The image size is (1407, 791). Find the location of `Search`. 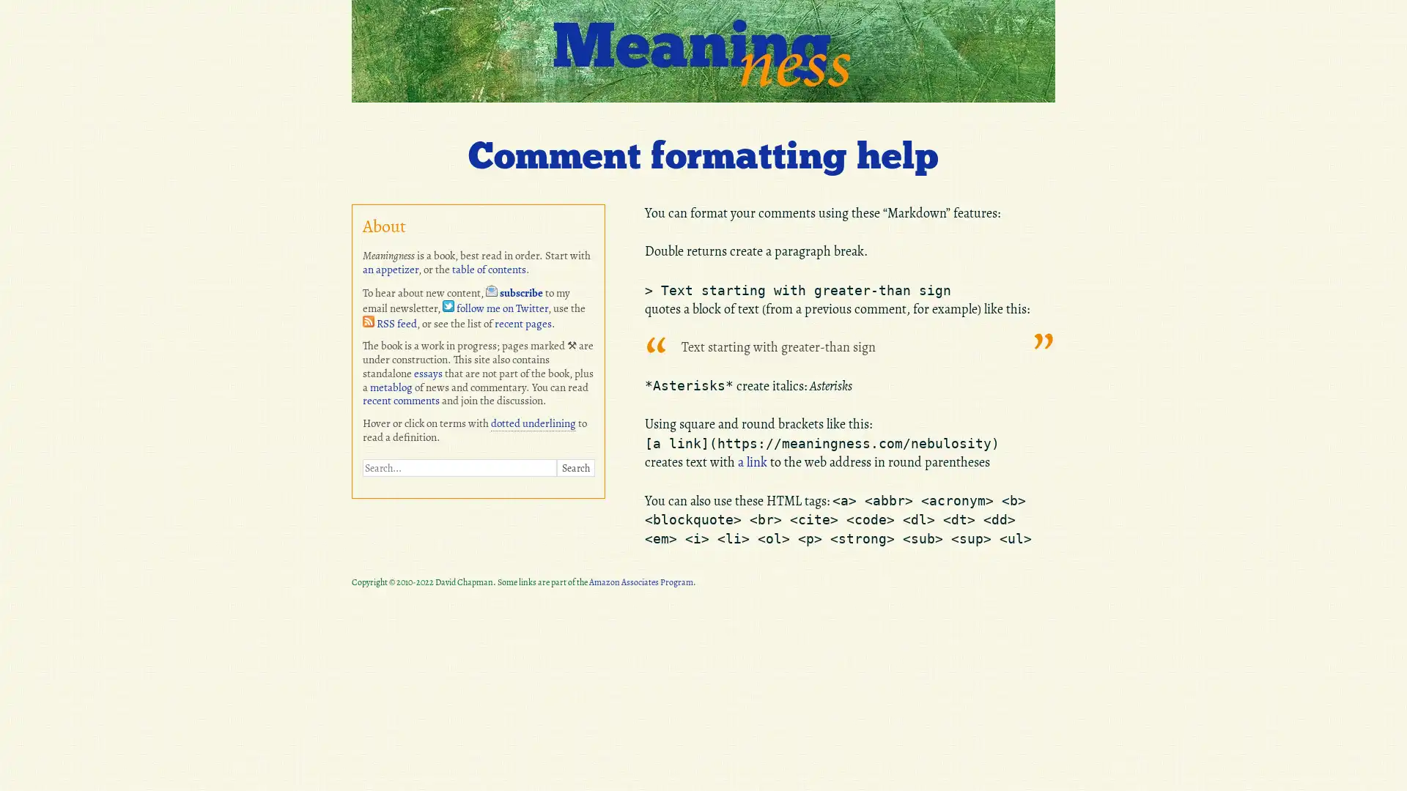

Search is located at coordinates (575, 468).